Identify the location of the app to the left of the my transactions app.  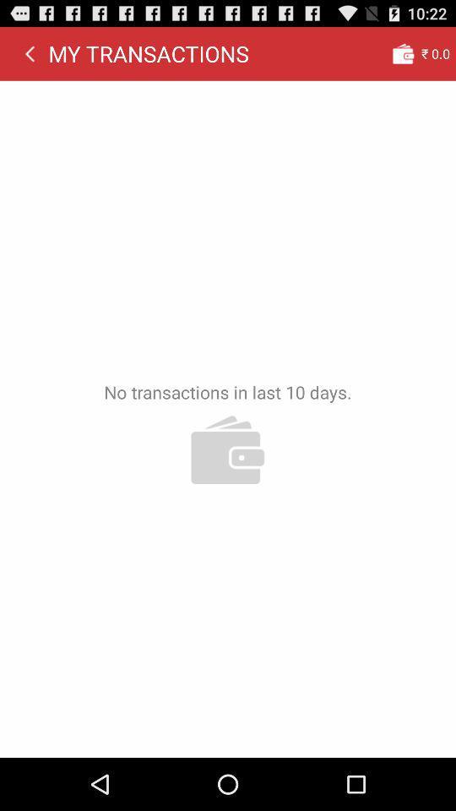
(30, 53).